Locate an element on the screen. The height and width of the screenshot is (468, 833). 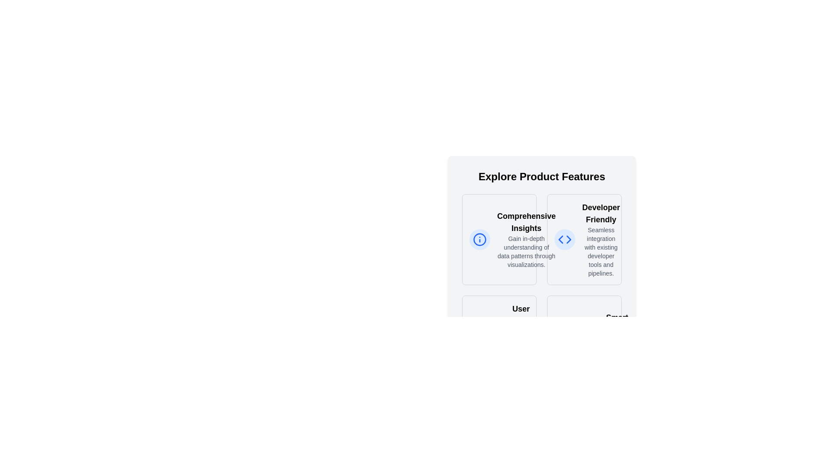
the blue left-pointing arrow icon that is part of the navigation buttons next to the 'Comprehensive Insights' section is located at coordinates (561, 239).